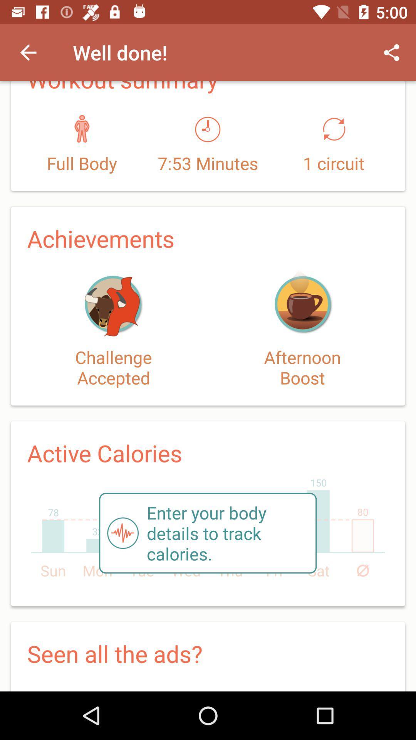  I want to click on item next to the workout summary item, so click(392, 52).